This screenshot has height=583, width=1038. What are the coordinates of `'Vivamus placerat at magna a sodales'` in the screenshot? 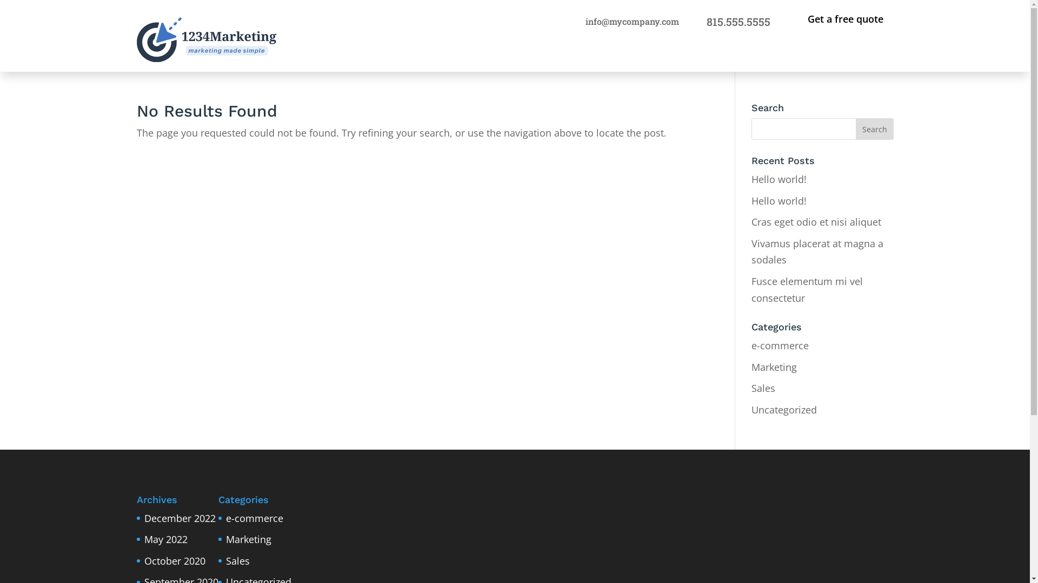 It's located at (817, 252).